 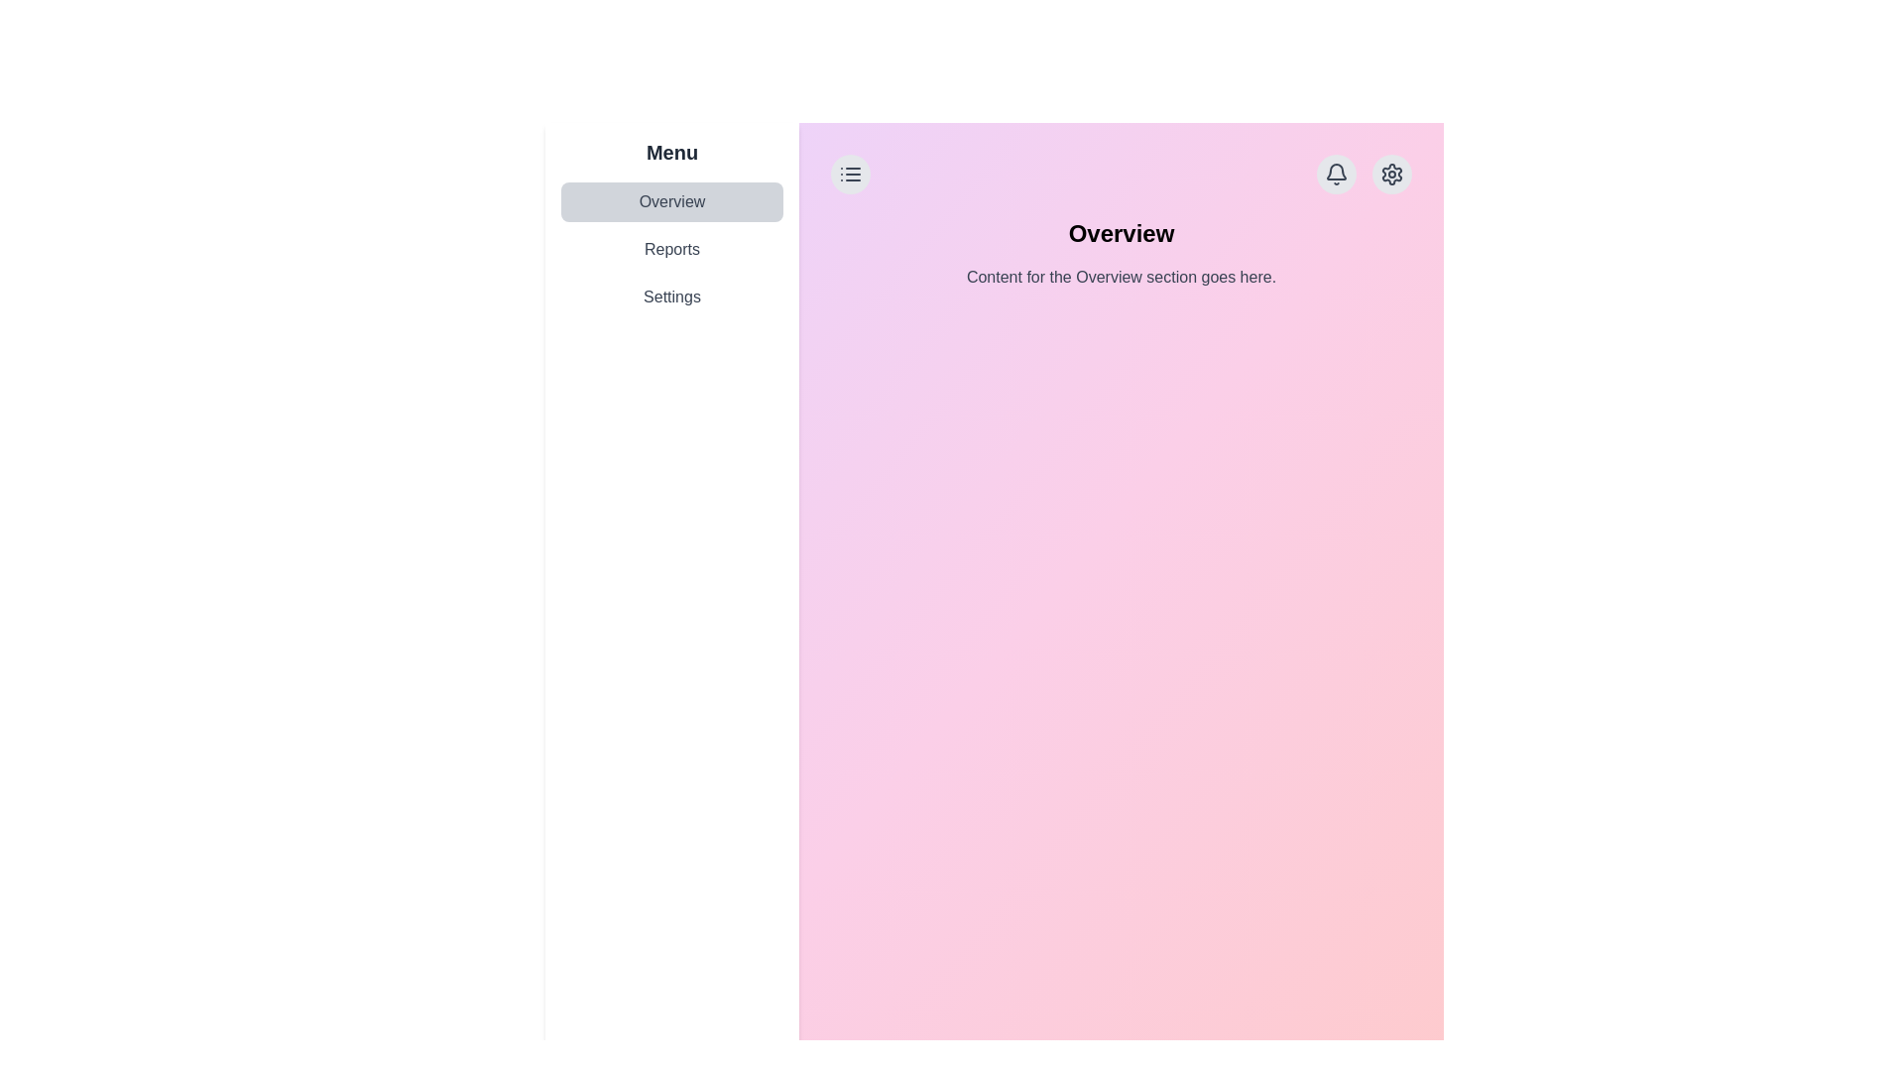 I want to click on the 'Overview' button, which is a rectangular button with rounded corners and a light gray background, located in the left sidebar of the interface, so click(x=671, y=202).